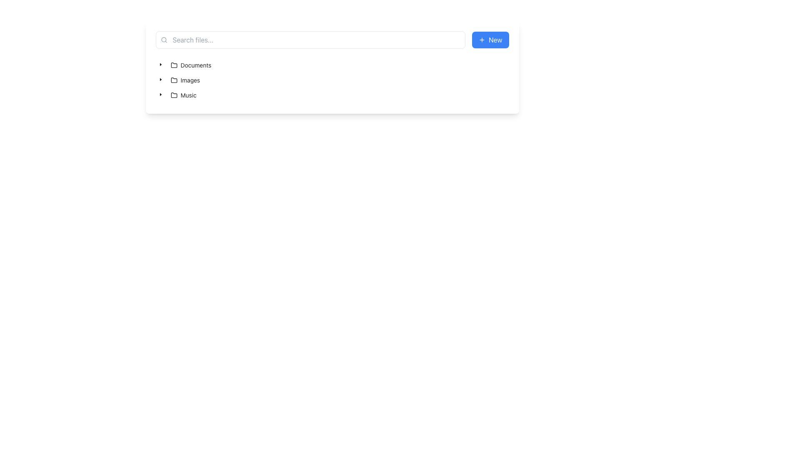 The image size is (800, 450). I want to click on the Tree view toggle button located to the left of the 'Documents' label, so click(160, 65).